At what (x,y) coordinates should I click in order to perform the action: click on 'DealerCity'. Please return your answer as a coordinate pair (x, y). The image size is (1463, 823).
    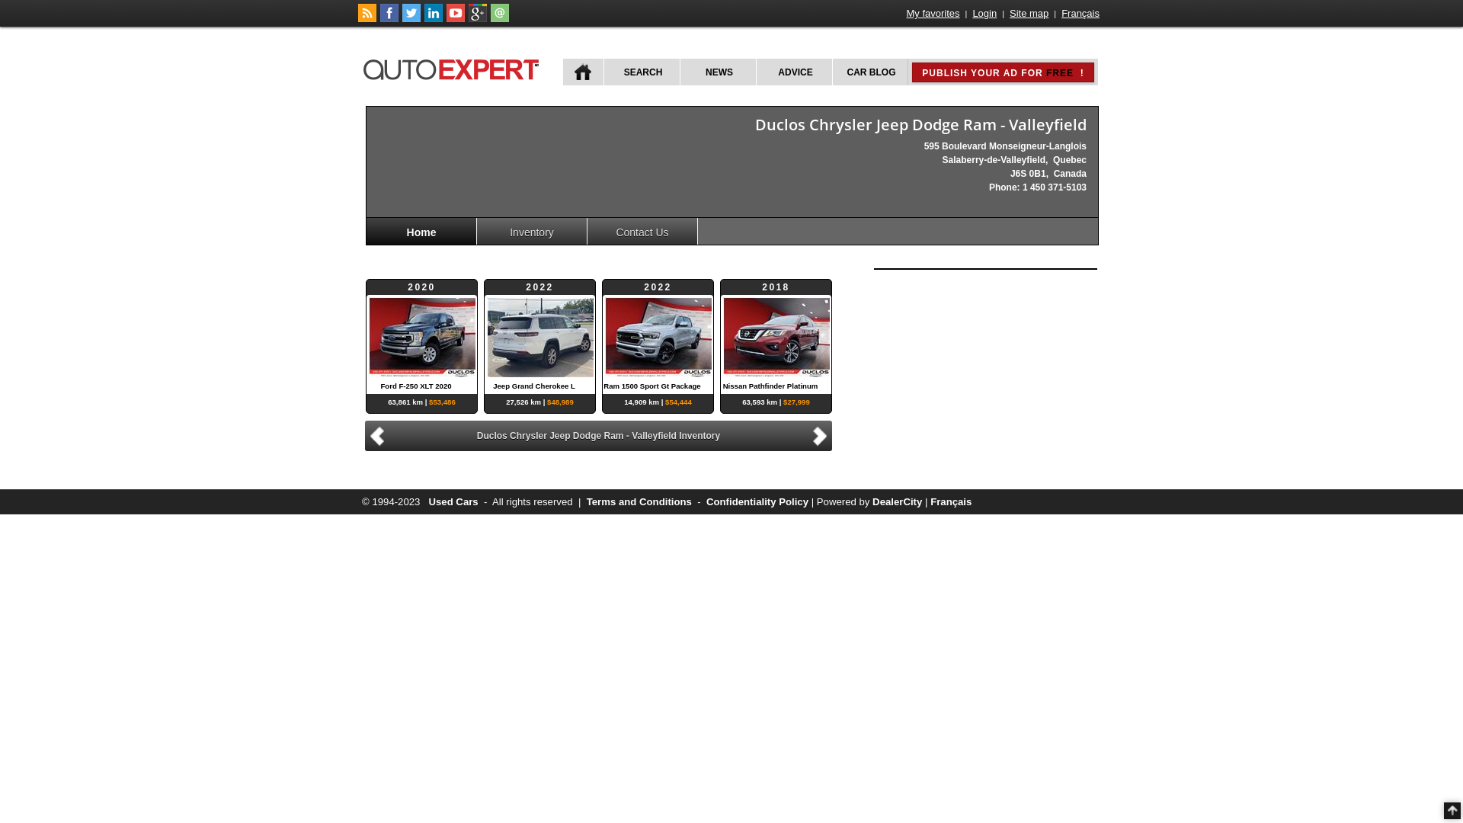
    Looking at the image, I should click on (897, 501).